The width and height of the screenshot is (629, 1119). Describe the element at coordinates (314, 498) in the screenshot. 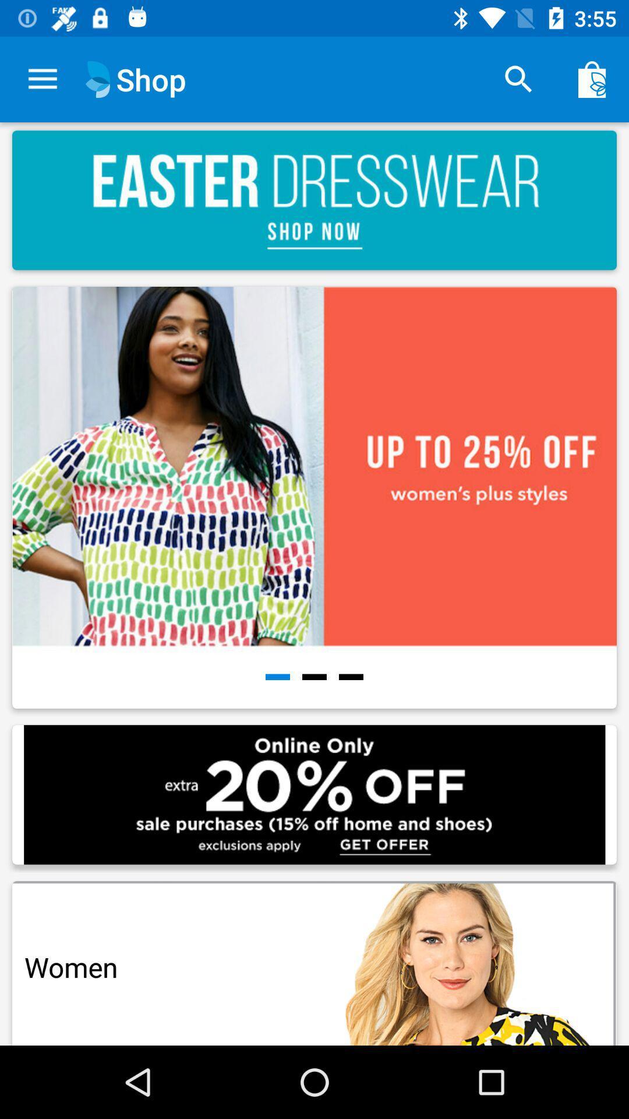

I see `the second image` at that location.